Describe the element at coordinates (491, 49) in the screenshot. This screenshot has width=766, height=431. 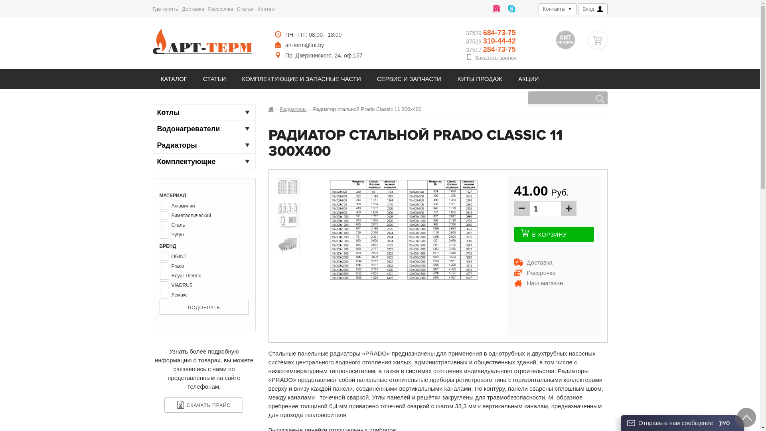
I see `'37517 284-73-75'` at that location.